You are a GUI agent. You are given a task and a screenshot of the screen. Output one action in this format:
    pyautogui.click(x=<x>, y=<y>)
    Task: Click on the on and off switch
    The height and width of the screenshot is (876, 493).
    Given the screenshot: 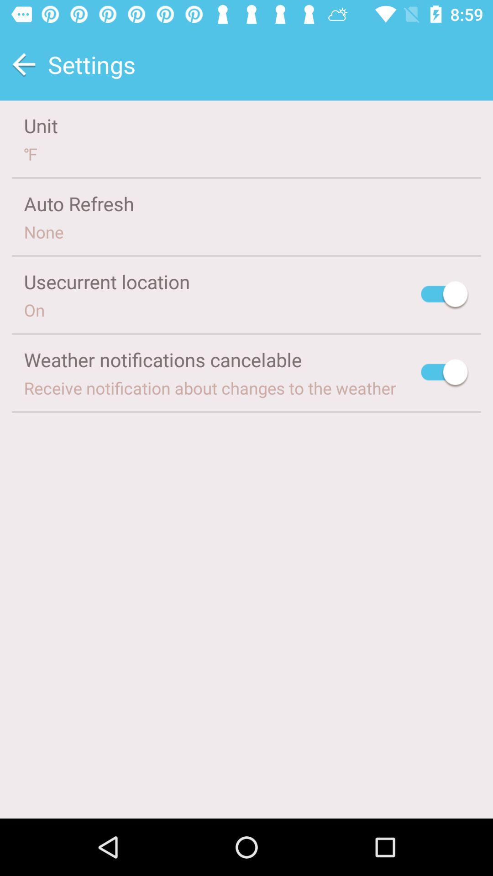 What is the action you would take?
    pyautogui.click(x=445, y=296)
    